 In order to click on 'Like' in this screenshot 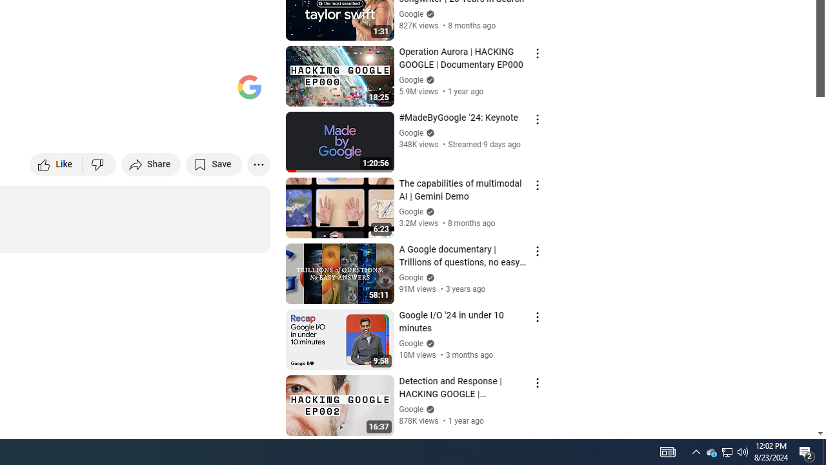, I will do `click(55, 163)`.